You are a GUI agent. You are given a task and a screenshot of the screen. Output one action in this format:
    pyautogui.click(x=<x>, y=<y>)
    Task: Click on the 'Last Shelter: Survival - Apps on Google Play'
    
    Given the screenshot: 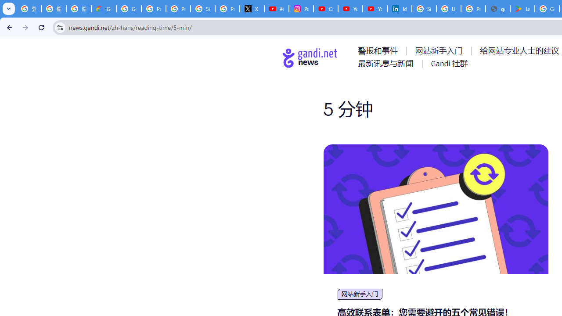 What is the action you would take?
    pyautogui.click(x=522, y=9)
    